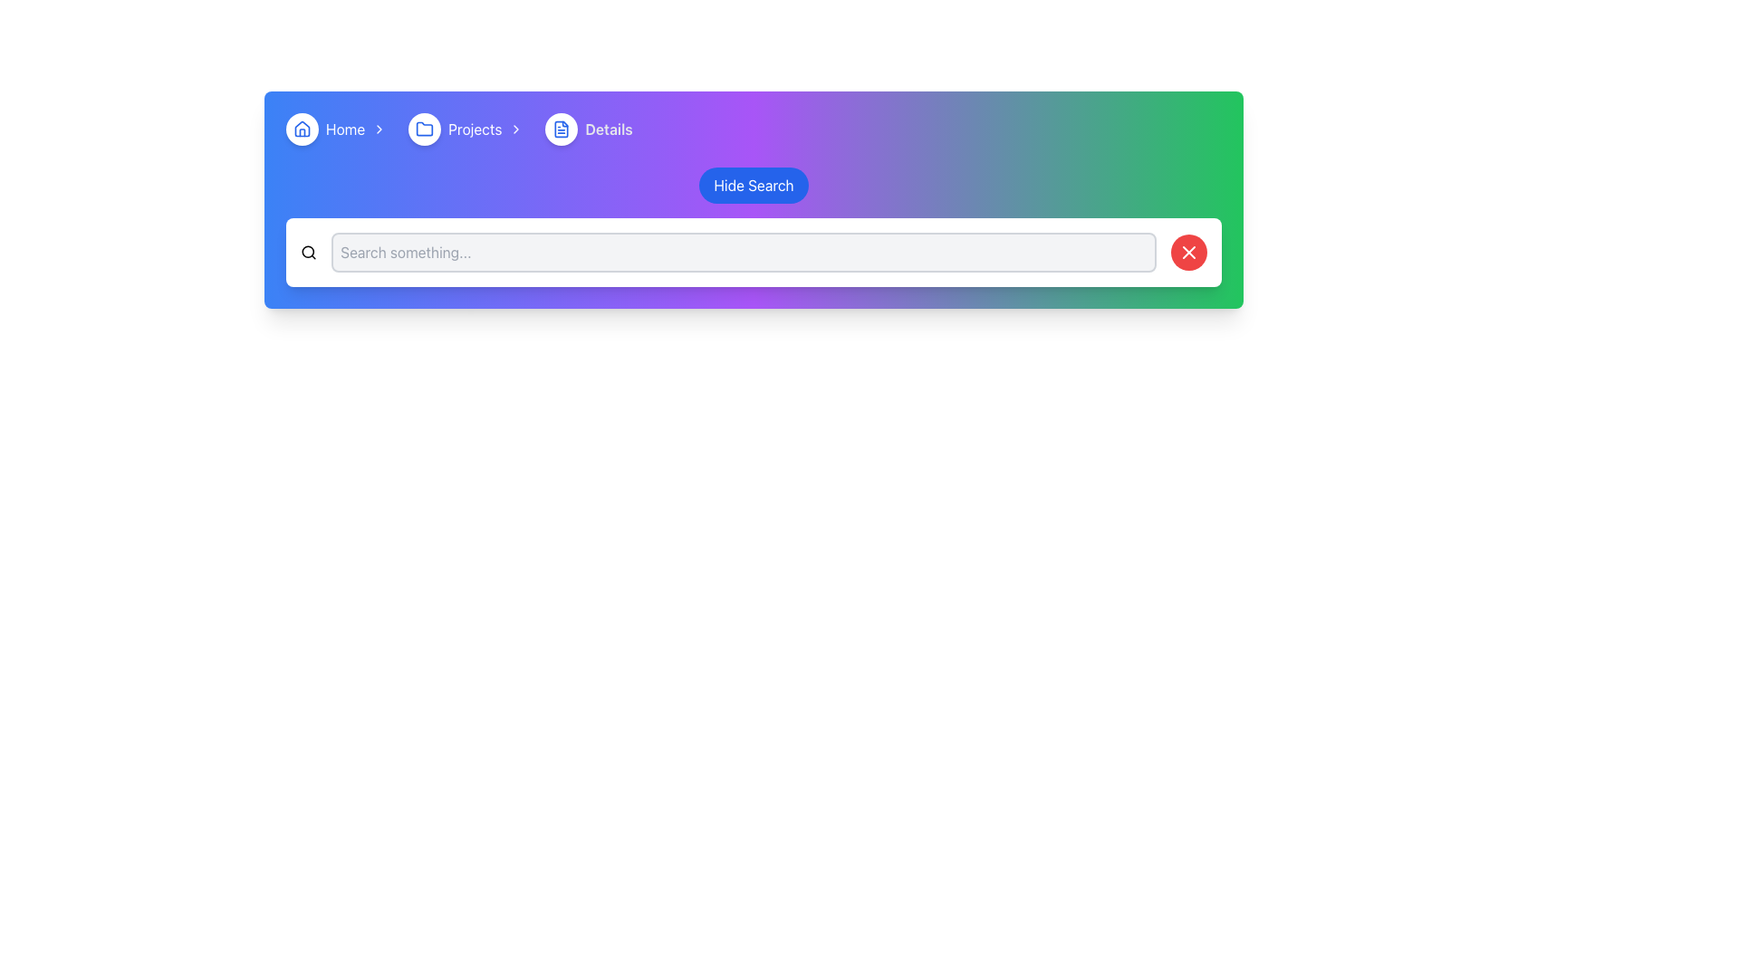  I want to click on the 'Home' navigation link component, which is styled in white on a blue gradient background and located on the leftmost side of the navigation bar, so click(340, 128).